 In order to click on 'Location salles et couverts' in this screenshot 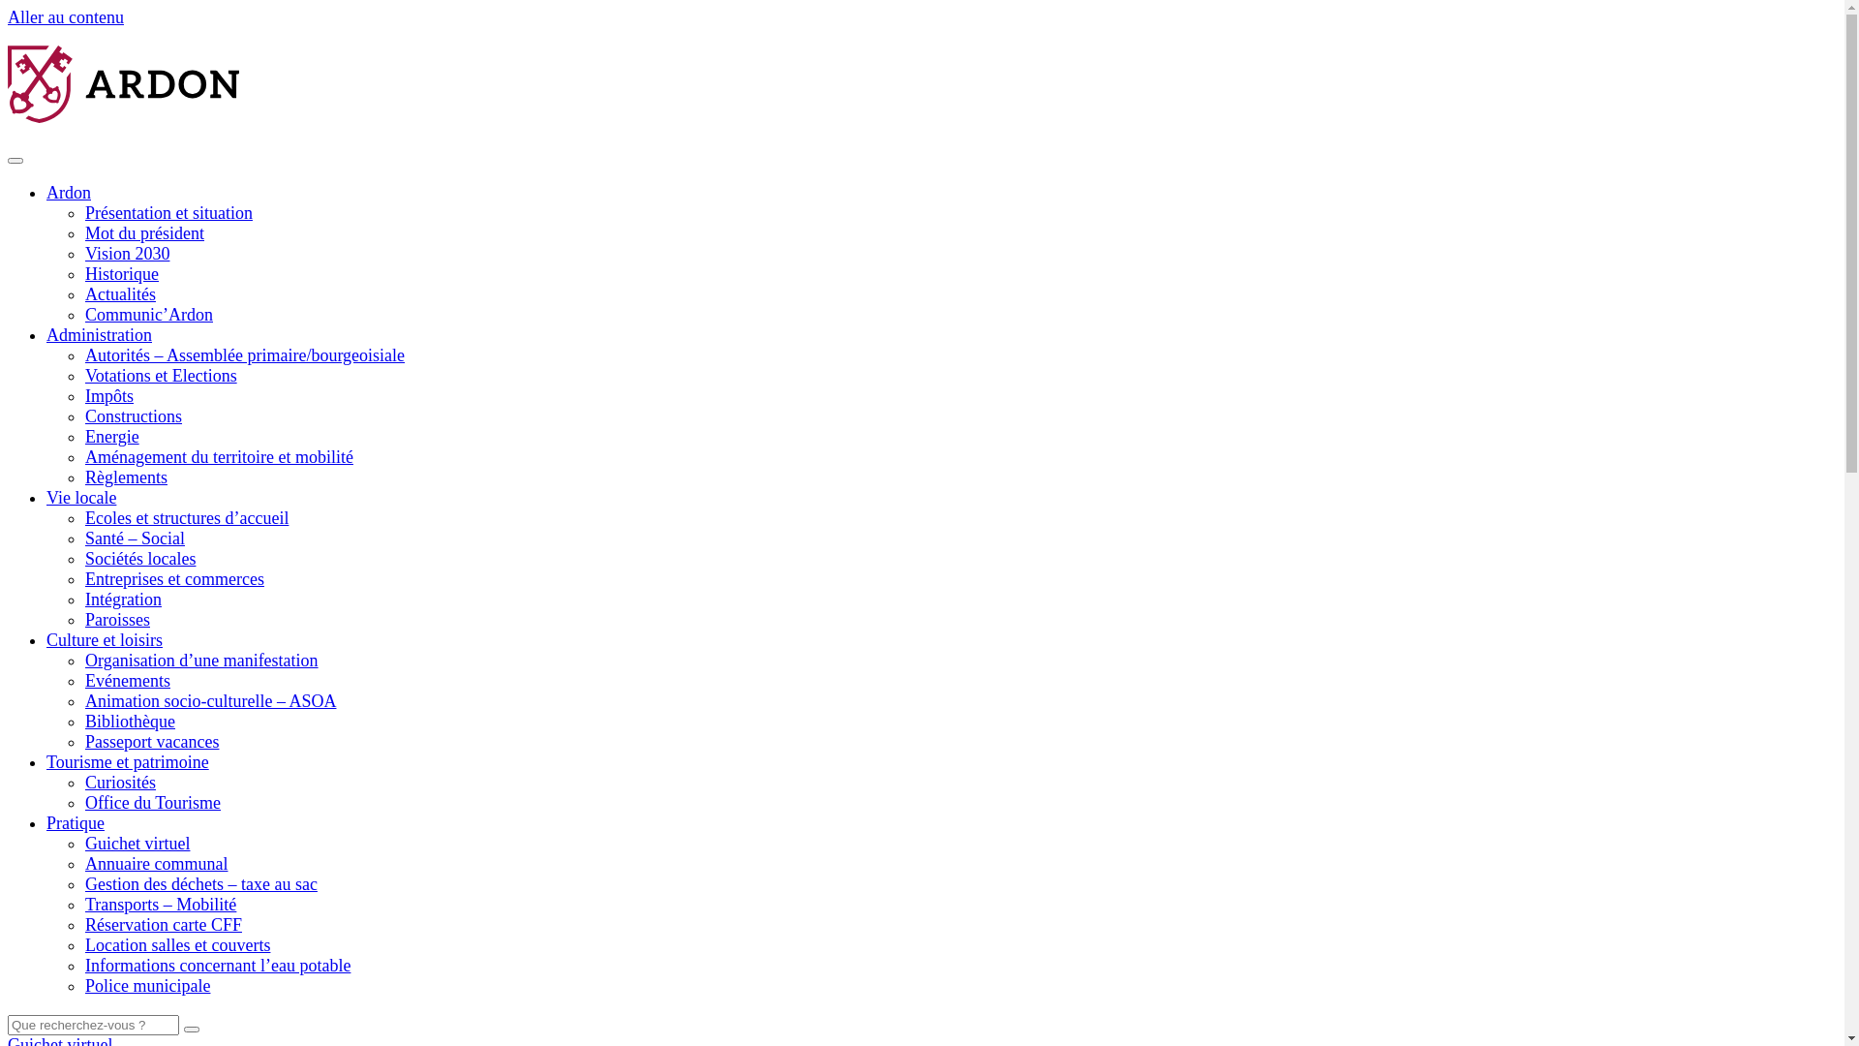, I will do `click(83, 943)`.